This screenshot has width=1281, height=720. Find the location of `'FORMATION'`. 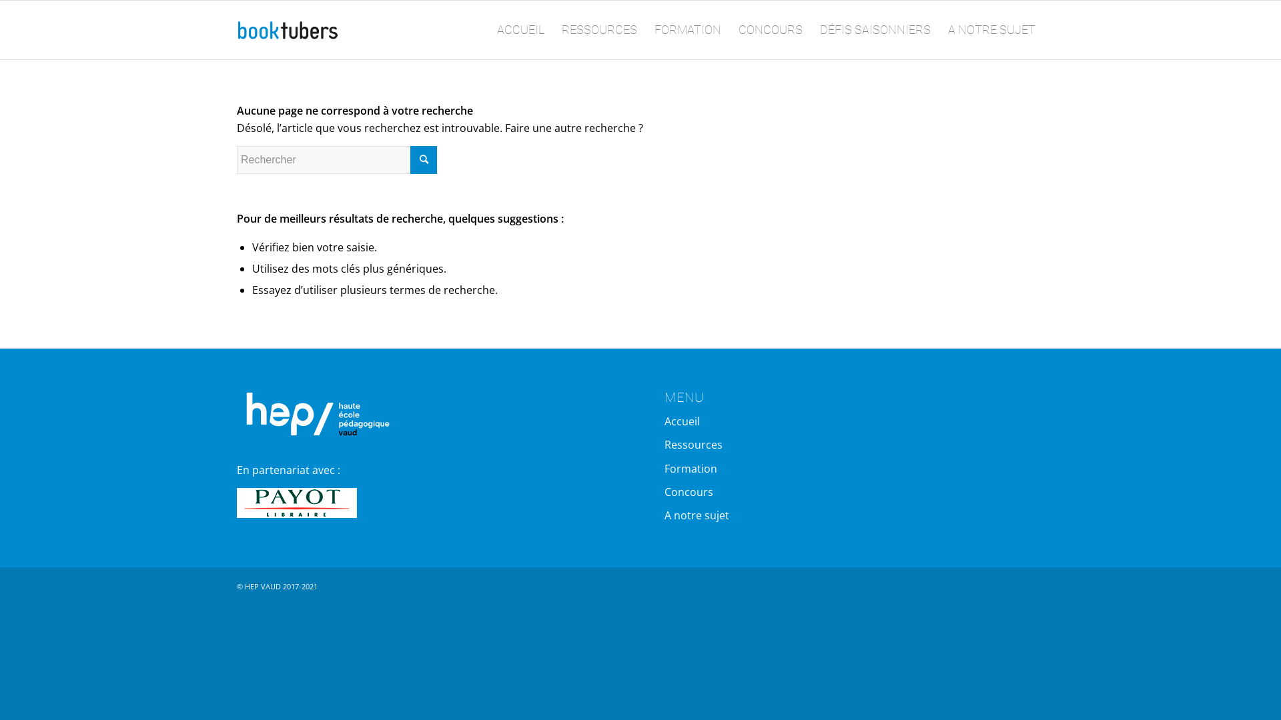

'FORMATION' is located at coordinates (688, 30).